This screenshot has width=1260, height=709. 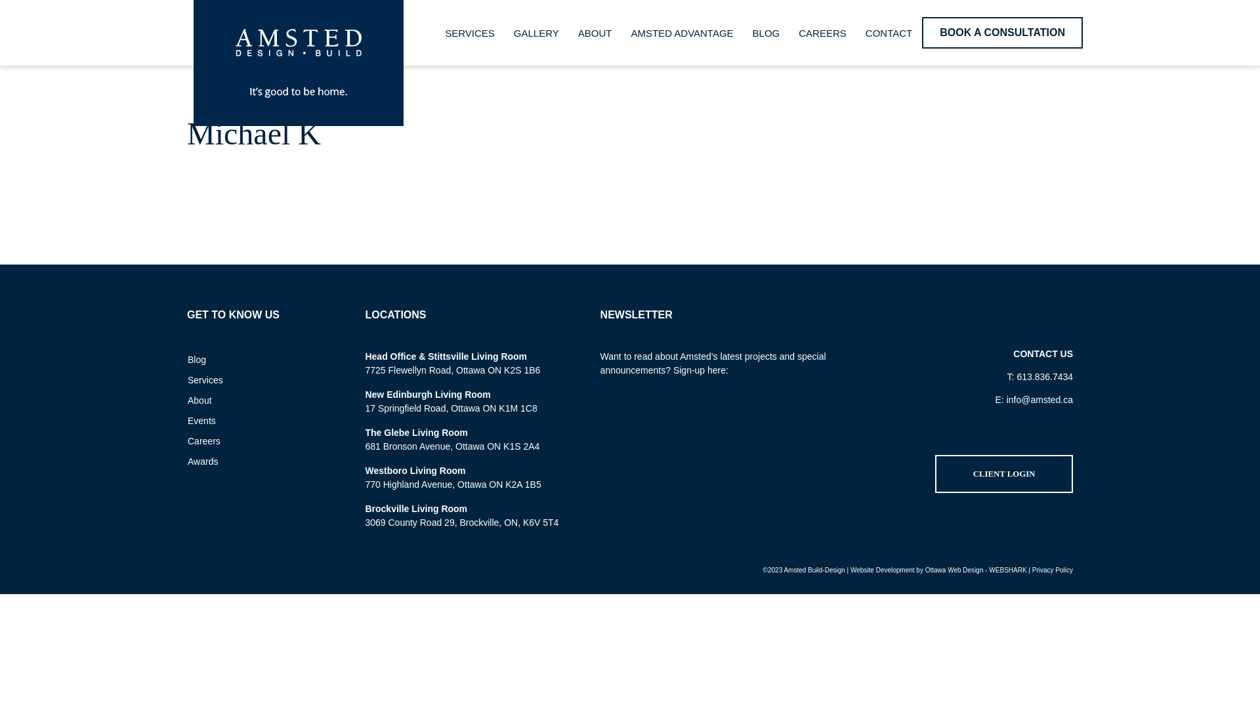 What do you see at coordinates (1044, 377) in the screenshot?
I see `'613.836.7434'` at bounding box center [1044, 377].